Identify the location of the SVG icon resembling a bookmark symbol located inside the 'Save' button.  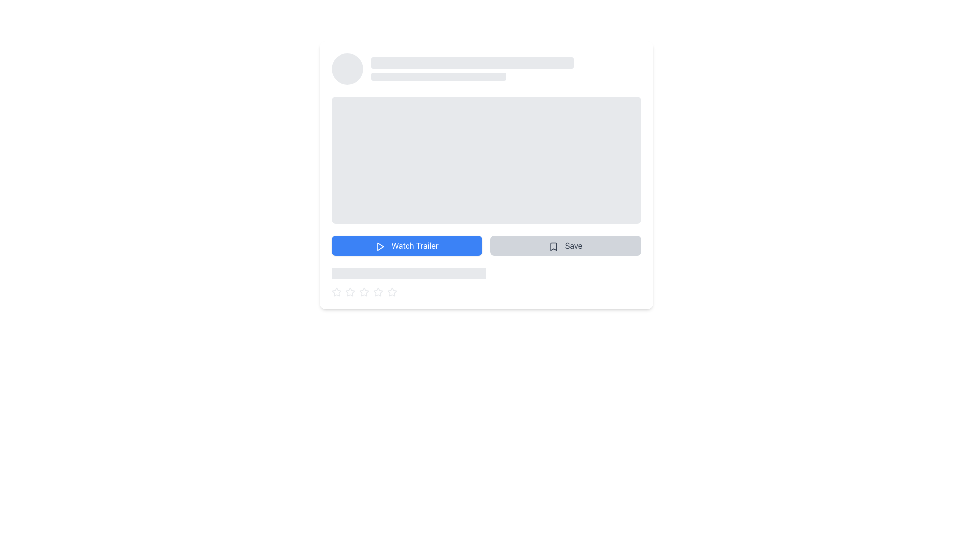
(553, 246).